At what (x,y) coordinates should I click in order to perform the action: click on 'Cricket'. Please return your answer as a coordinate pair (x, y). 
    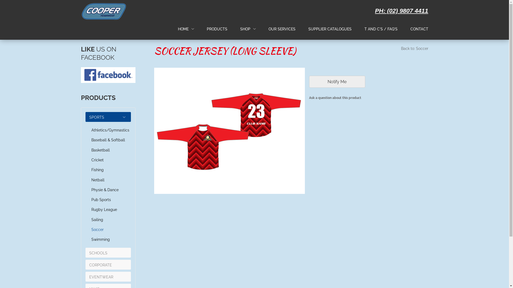
    Looking at the image, I should click on (89, 160).